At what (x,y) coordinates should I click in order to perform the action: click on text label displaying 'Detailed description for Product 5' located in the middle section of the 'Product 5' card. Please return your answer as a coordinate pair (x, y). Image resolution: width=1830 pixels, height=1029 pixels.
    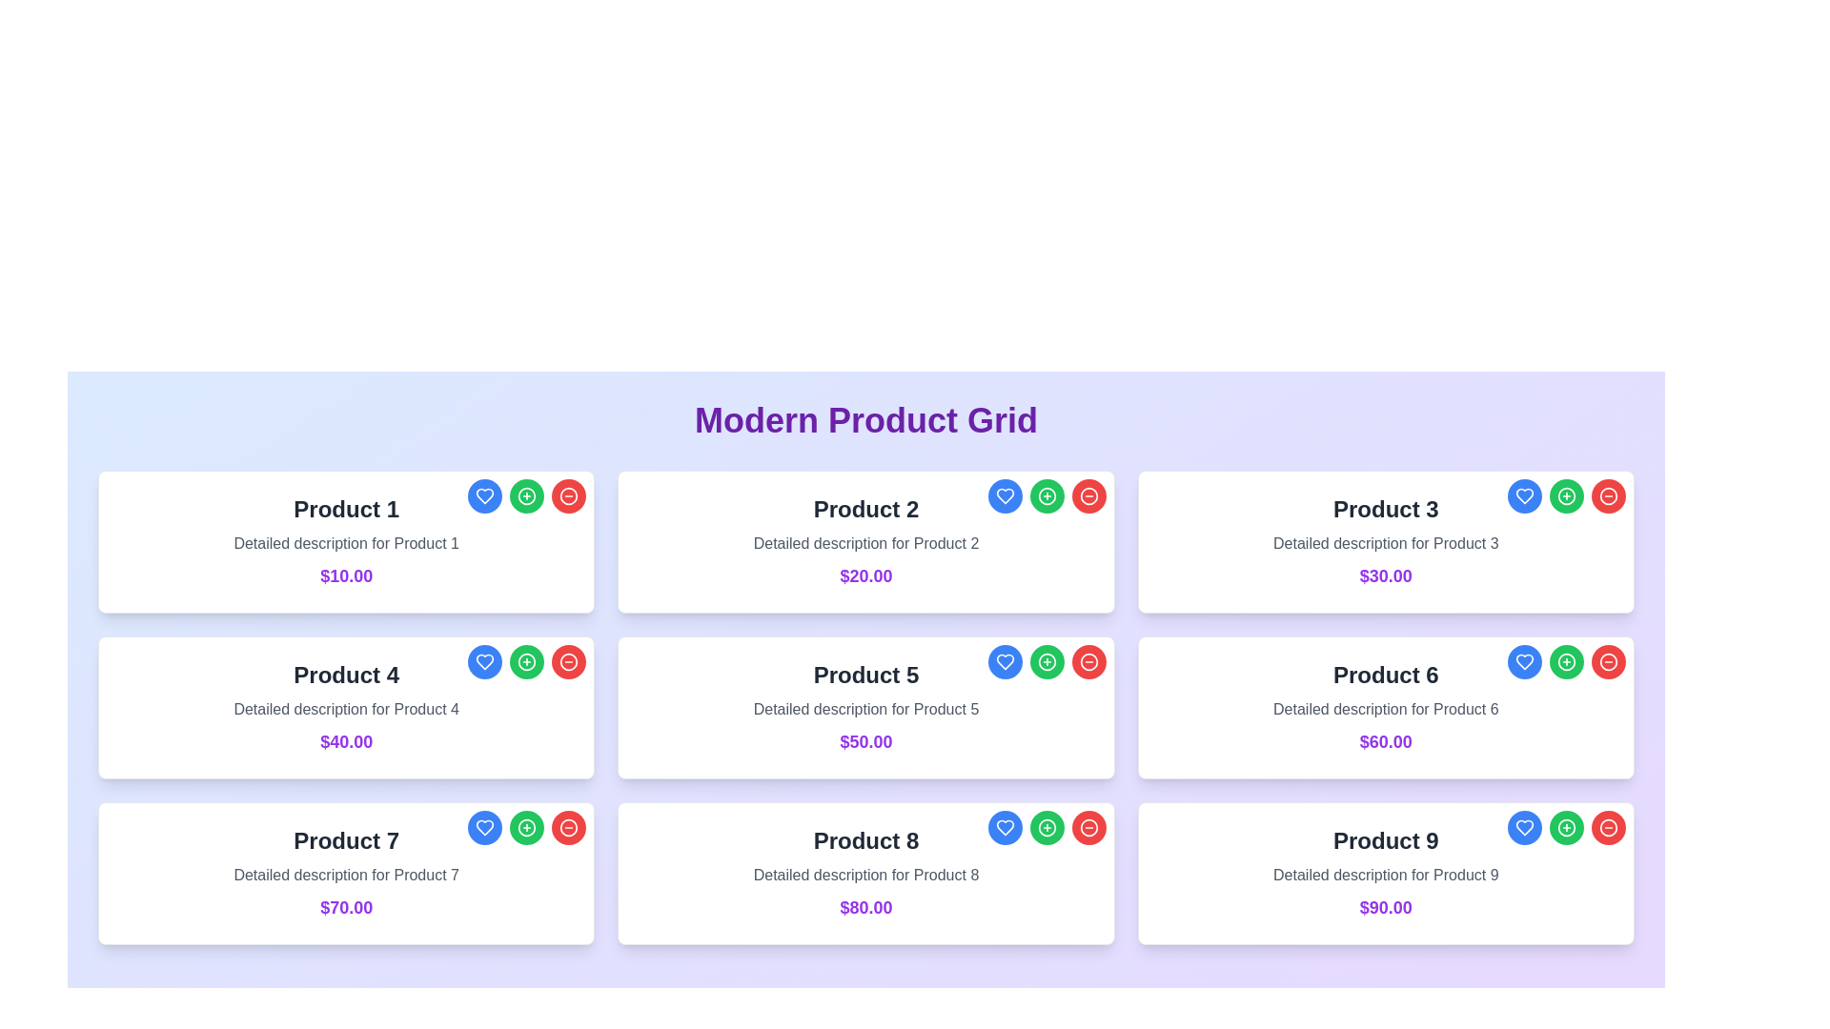
    Looking at the image, I should click on (864, 709).